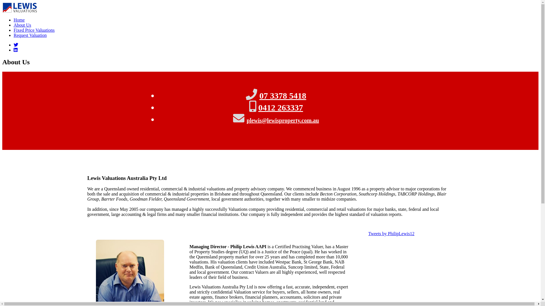  Describe the element at coordinates (19, 20) in the screenshot. I see `'Home'` at that location.